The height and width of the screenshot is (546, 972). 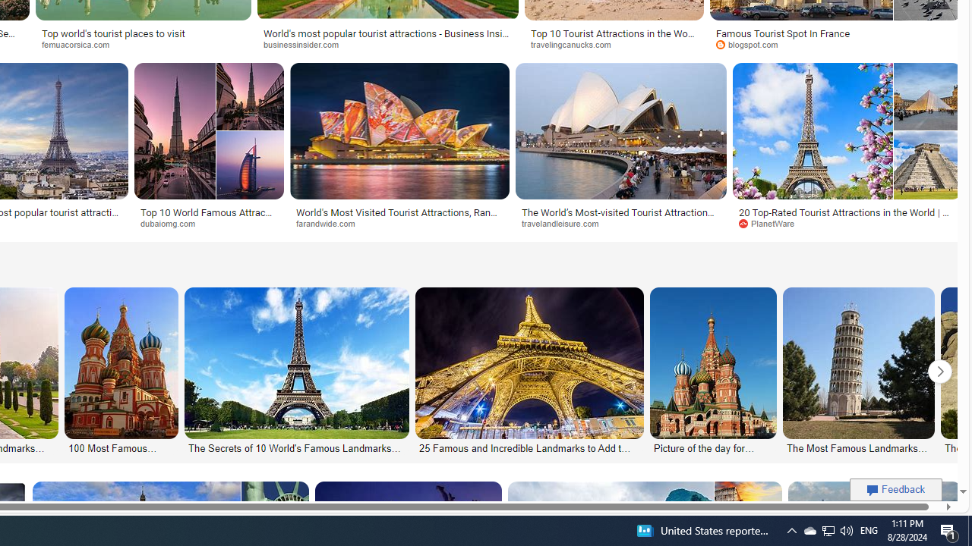 What do you see at coordinates (835, 33) in the screenshot?
I see `'Famous Tourist Spot In France'` at bounding box center [835, 33].